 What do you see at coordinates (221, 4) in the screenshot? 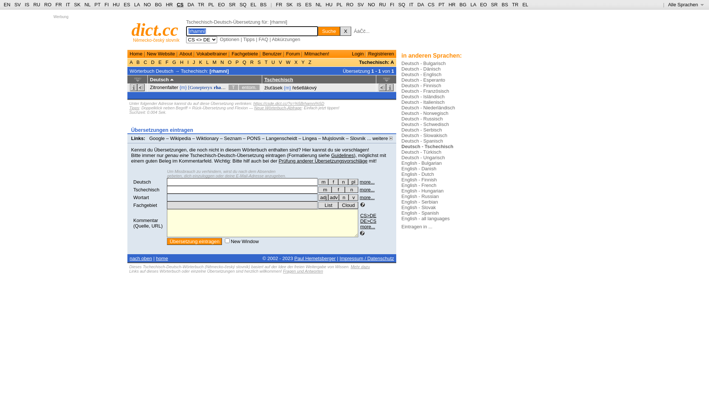
I see `'EO'` at bounding box center [221, 4].